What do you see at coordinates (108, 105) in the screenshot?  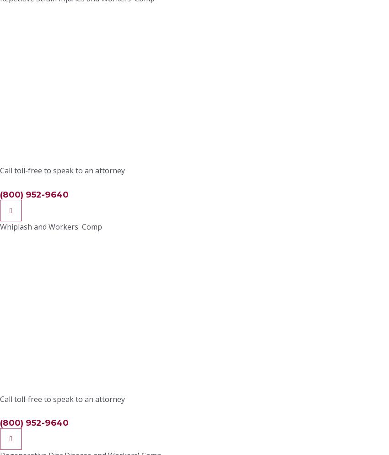 I see `'Hearing Loss'` at bounding box center [108, 105].